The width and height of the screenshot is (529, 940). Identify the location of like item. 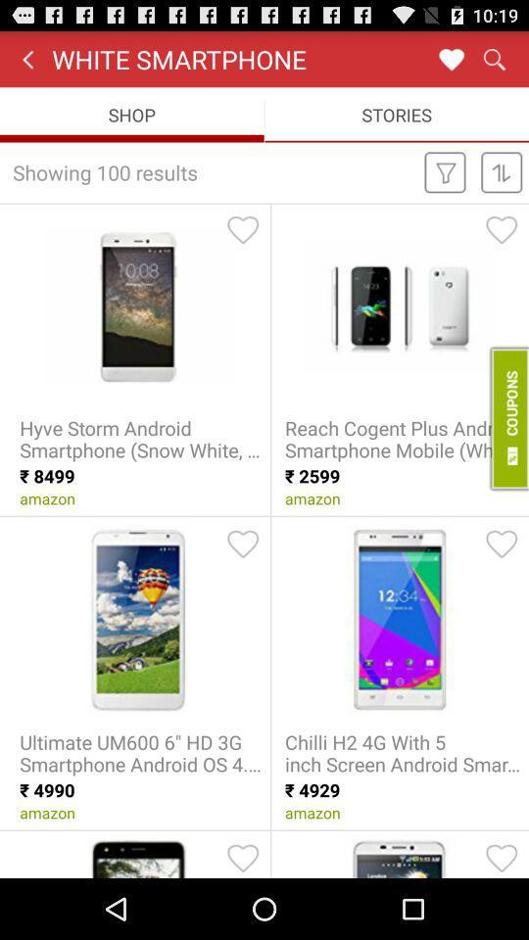
(243, 857).